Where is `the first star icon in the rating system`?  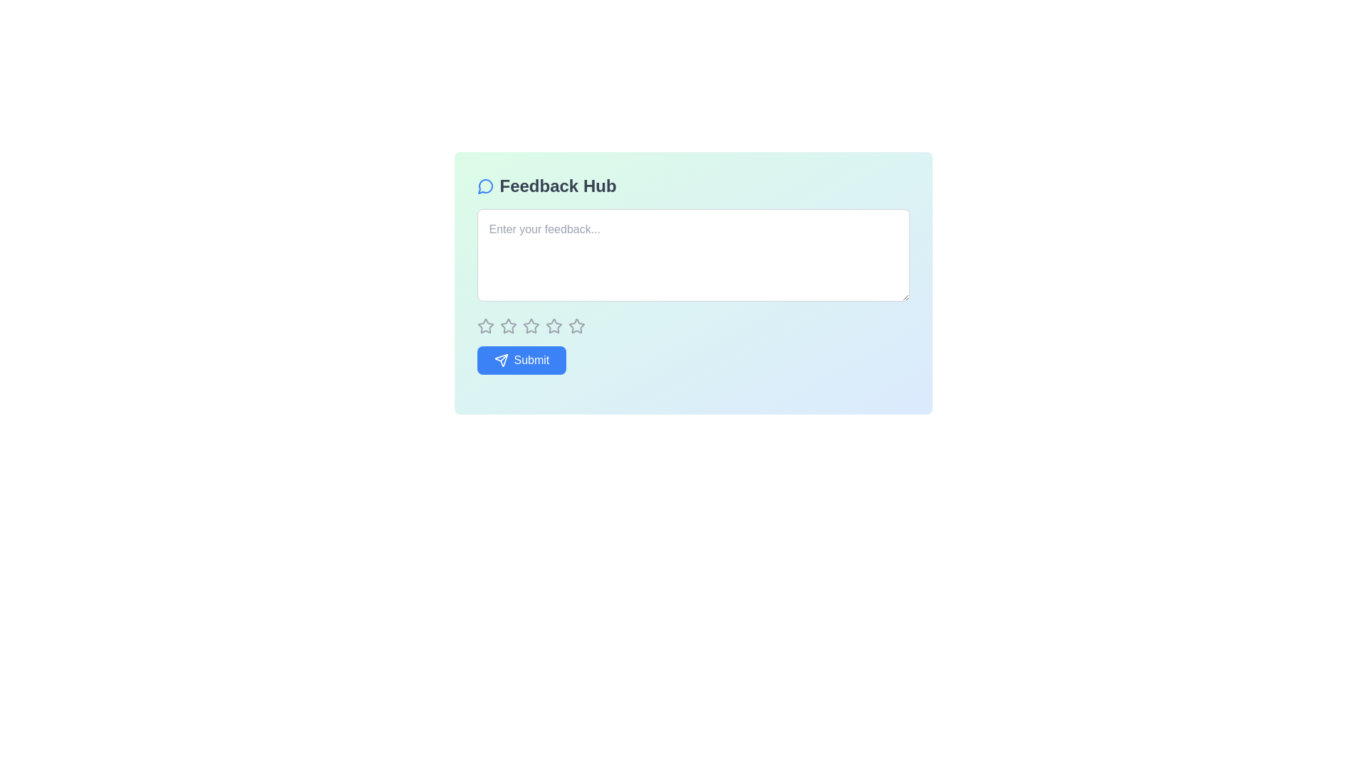 the first star icon in the rating system is located at coordinates (485, 326).